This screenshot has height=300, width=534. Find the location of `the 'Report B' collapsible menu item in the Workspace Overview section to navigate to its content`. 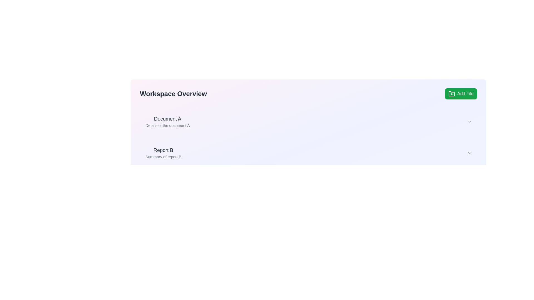

the 'Report B' collapsible menu item in the Workspace Overview section to navigate to its content is located at coordinates (308, 153).